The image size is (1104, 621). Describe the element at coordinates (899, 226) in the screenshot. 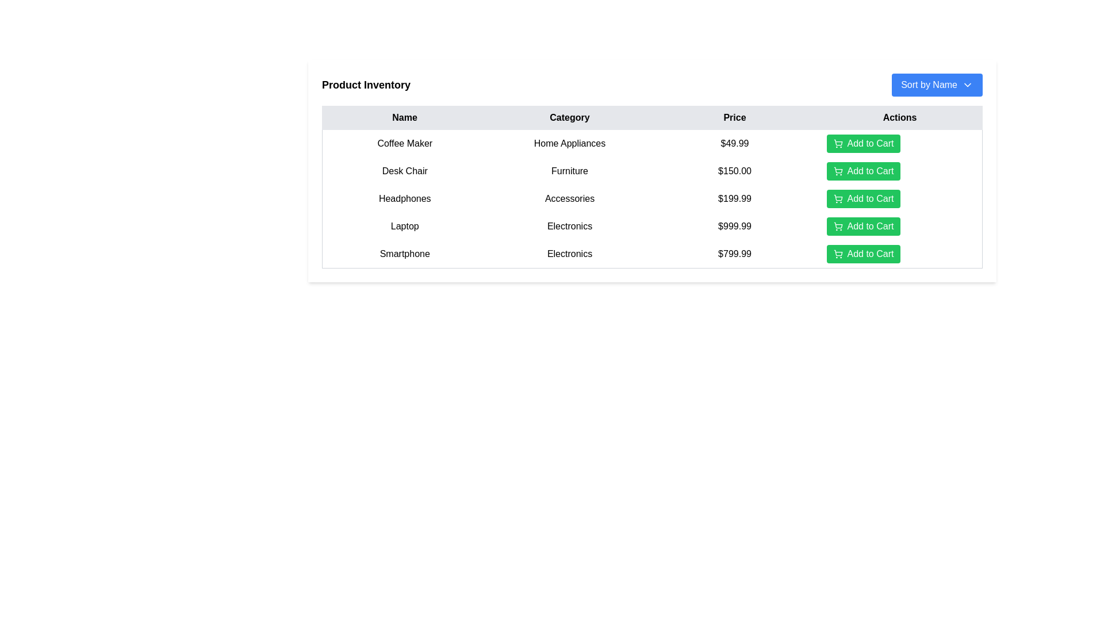

I see `the 'Add to Cart' button for the product 'Laptop' in the fourth row of the 'Product Inventory' table under the 'Actions' column` at that location.